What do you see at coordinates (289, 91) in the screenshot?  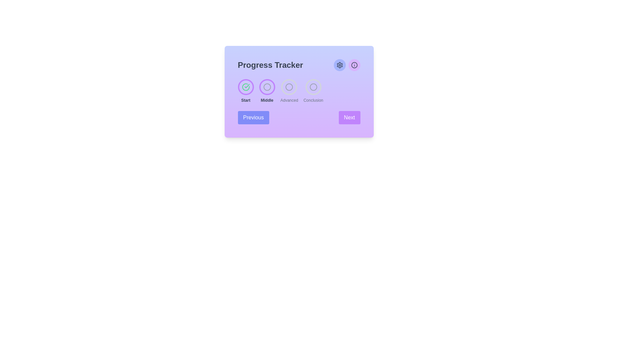 I see `the 'Advanced' button in the 'Progress Tracker' section for interaction` at bounding box center [289, 91].